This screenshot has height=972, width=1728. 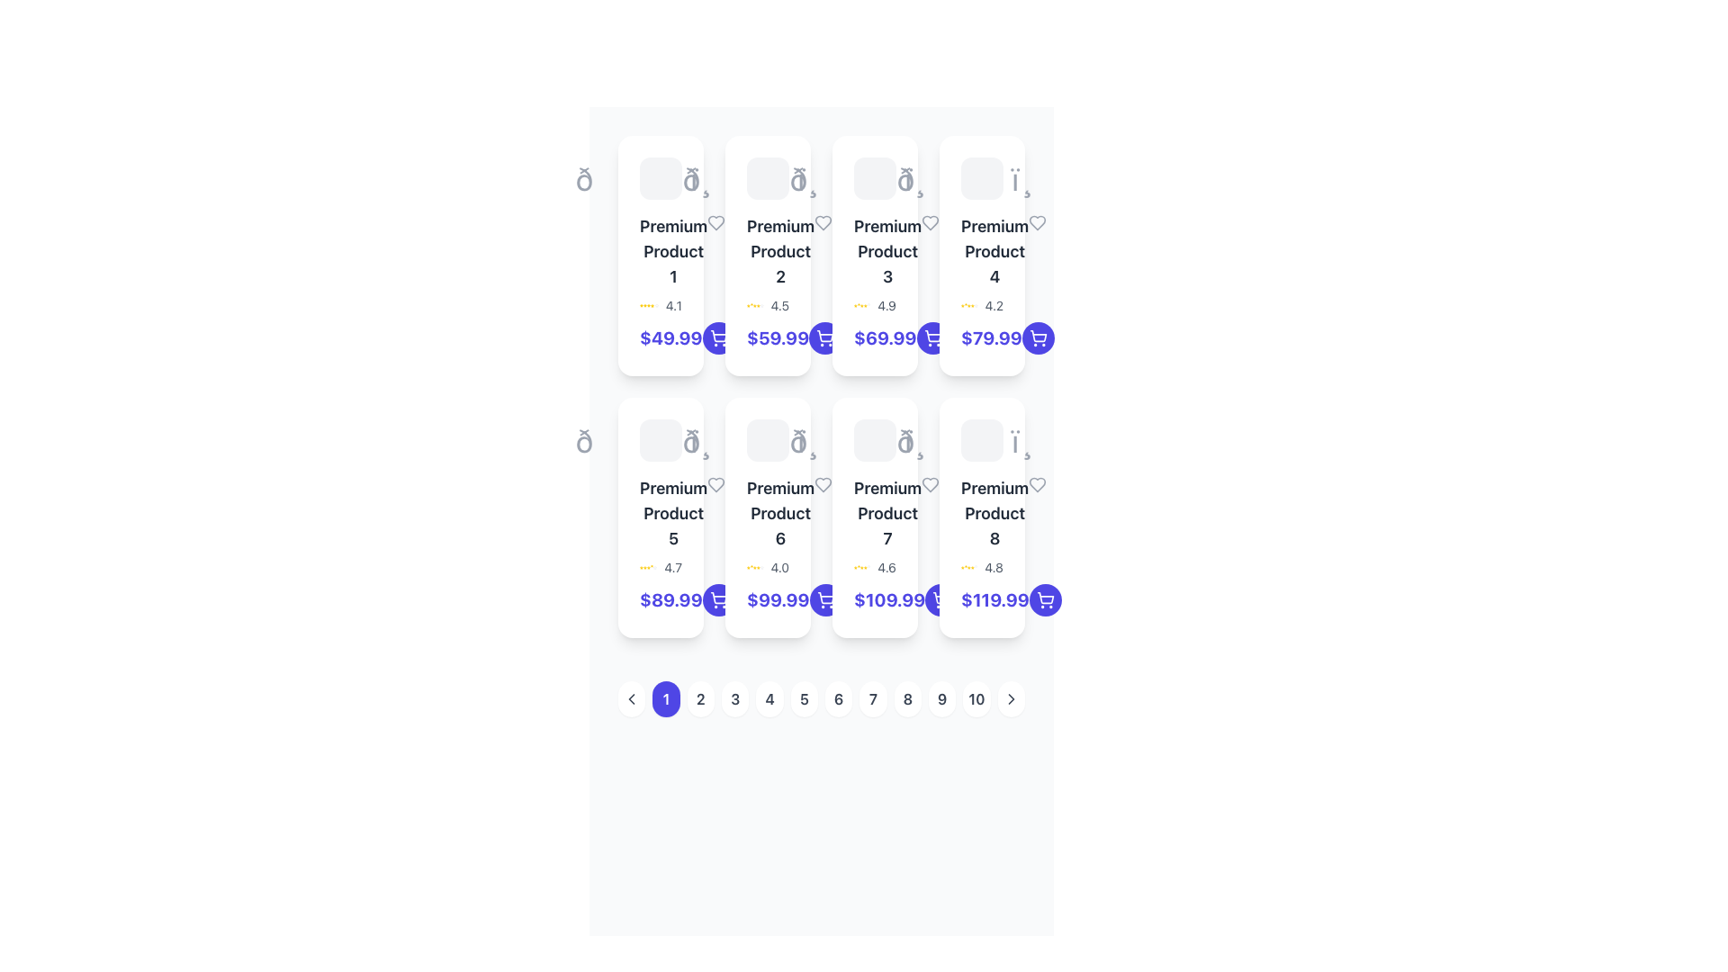 I want to click on the circular button with a white background and the numeral '4' at its center, so click(x=769, y=697).